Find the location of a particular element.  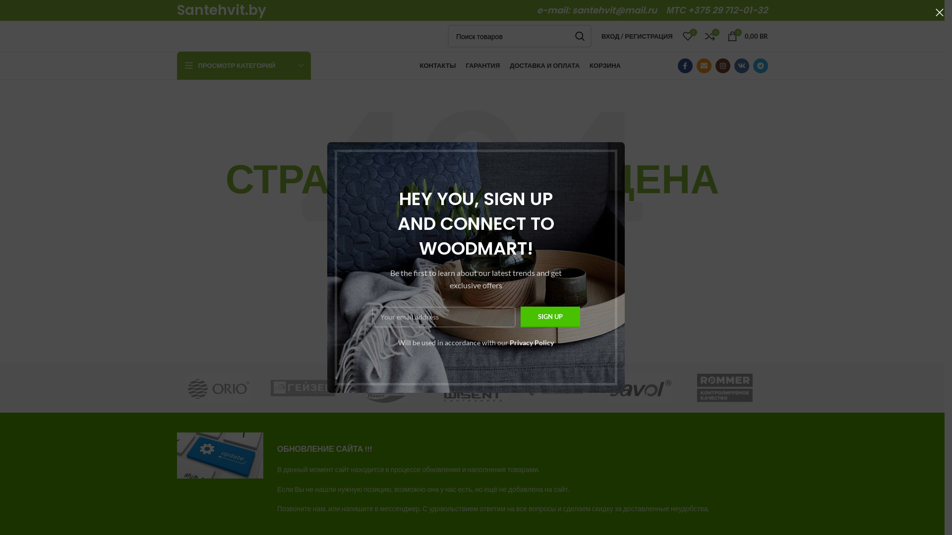

'e-mail: santehvit@mail.ru' is located at coordinates (535, 10).